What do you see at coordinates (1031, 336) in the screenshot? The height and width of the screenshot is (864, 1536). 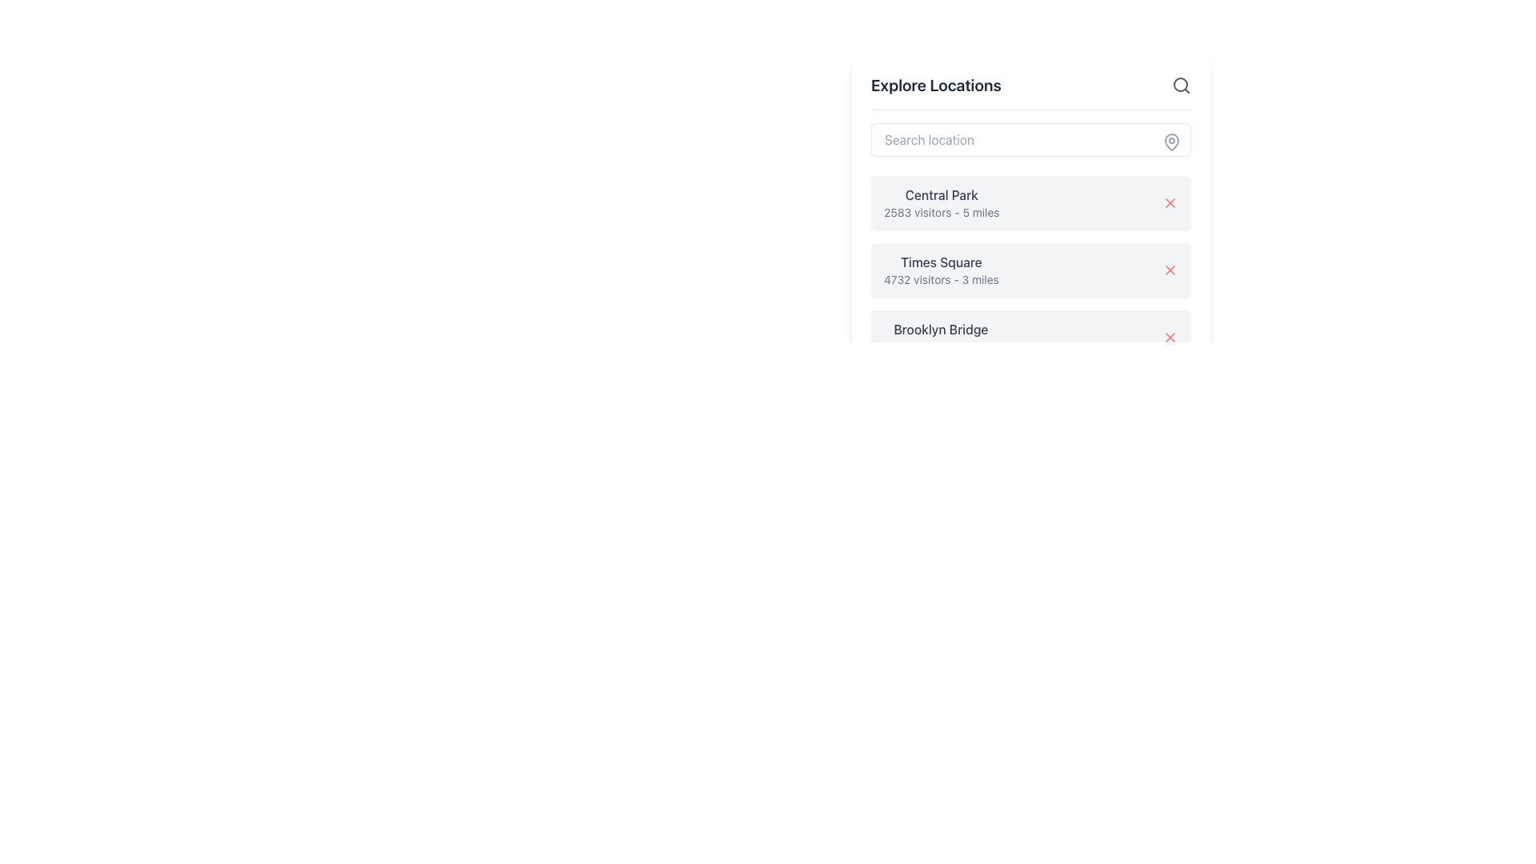 I see `the third list item representing 'Brooklyn Bridge' which includes a red 'X' icon for removal` at bounding box center [1031, 336].